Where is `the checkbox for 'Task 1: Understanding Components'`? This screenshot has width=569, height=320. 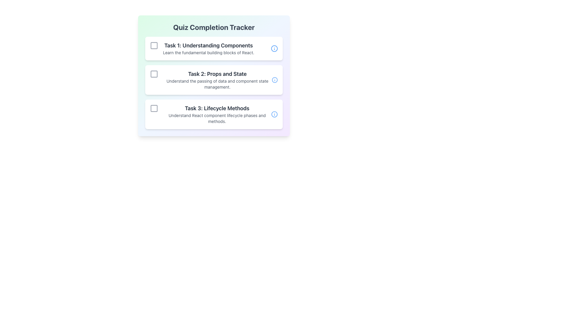 the checkbox for 'Task 1: Understanding Components' is located at coordinates (154, 45).